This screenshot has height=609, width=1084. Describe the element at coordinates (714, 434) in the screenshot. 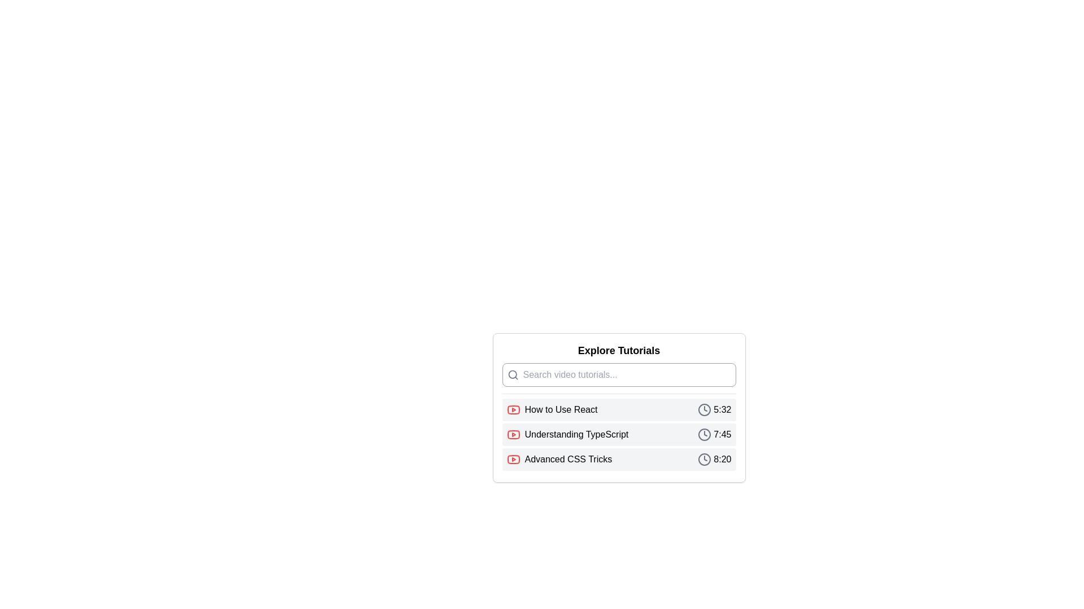

I see `the Text element displaying '7:45' accompanied by a clock icon, located in the right section of the second row, aligned with 'Understanding TypeScript'` at that location.